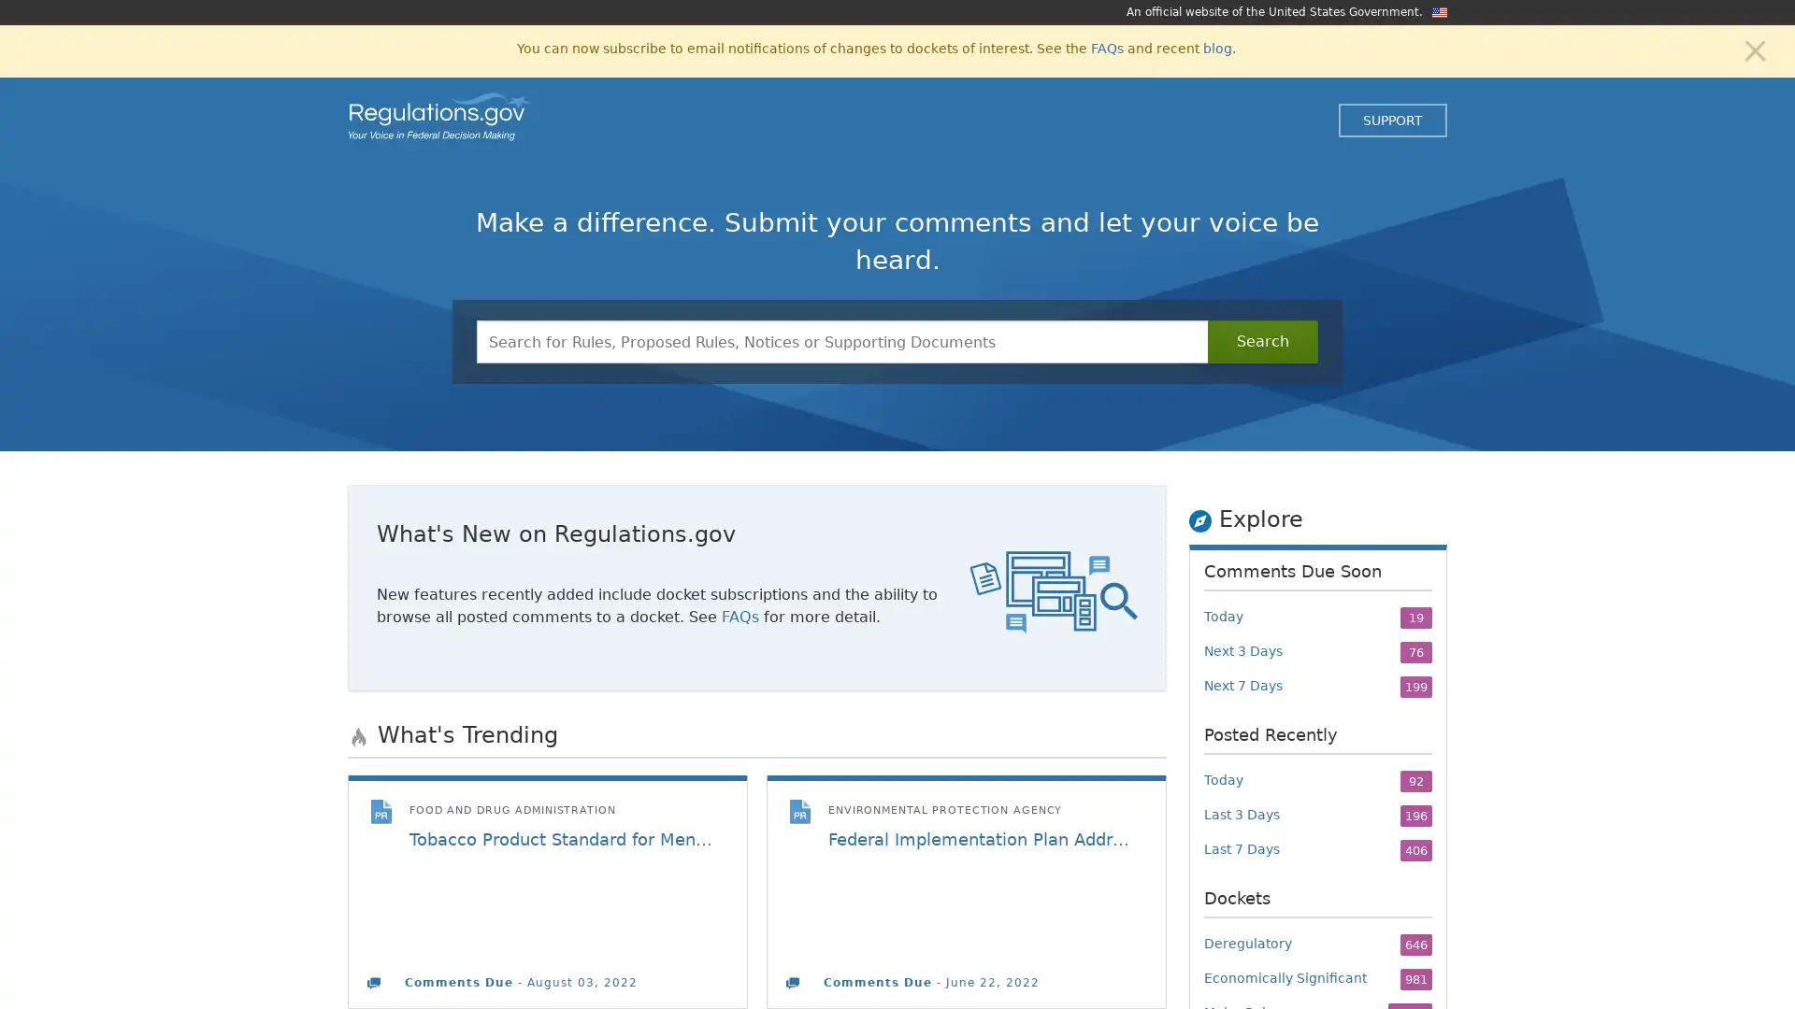  I want to click on Close, so click(1754, 49).